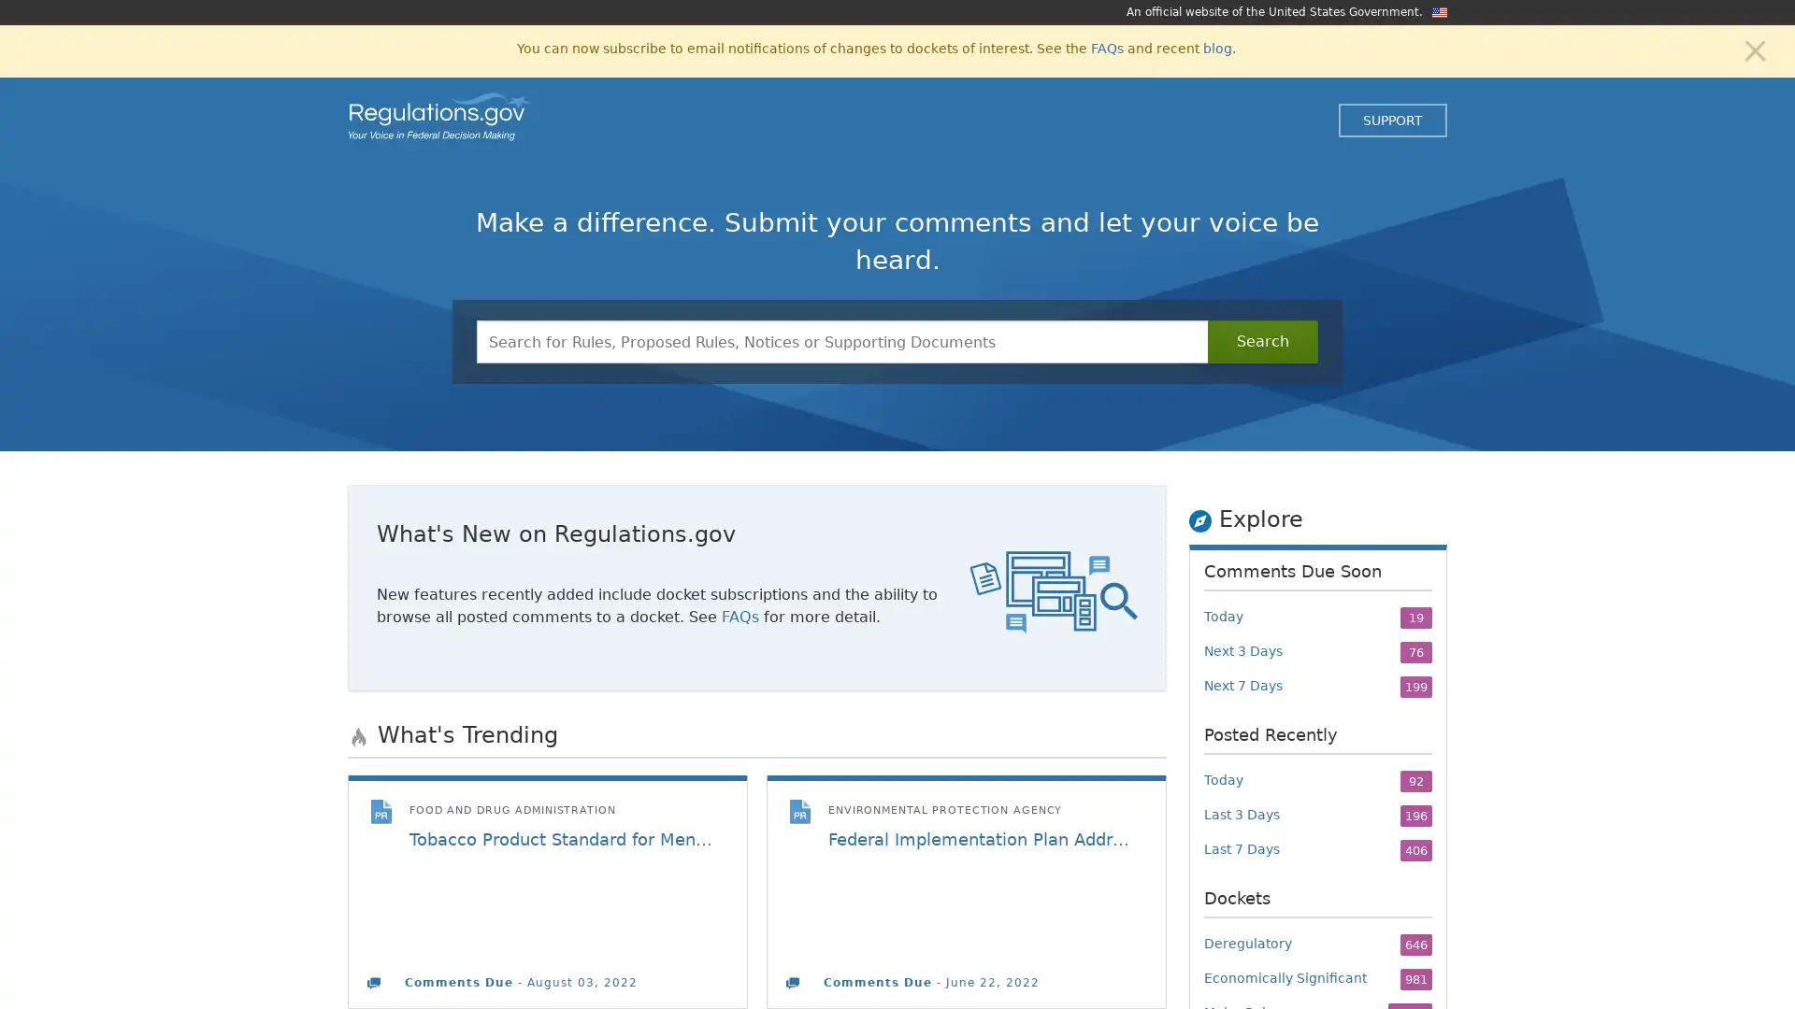  I want to click on Close, so click(1754, 49).